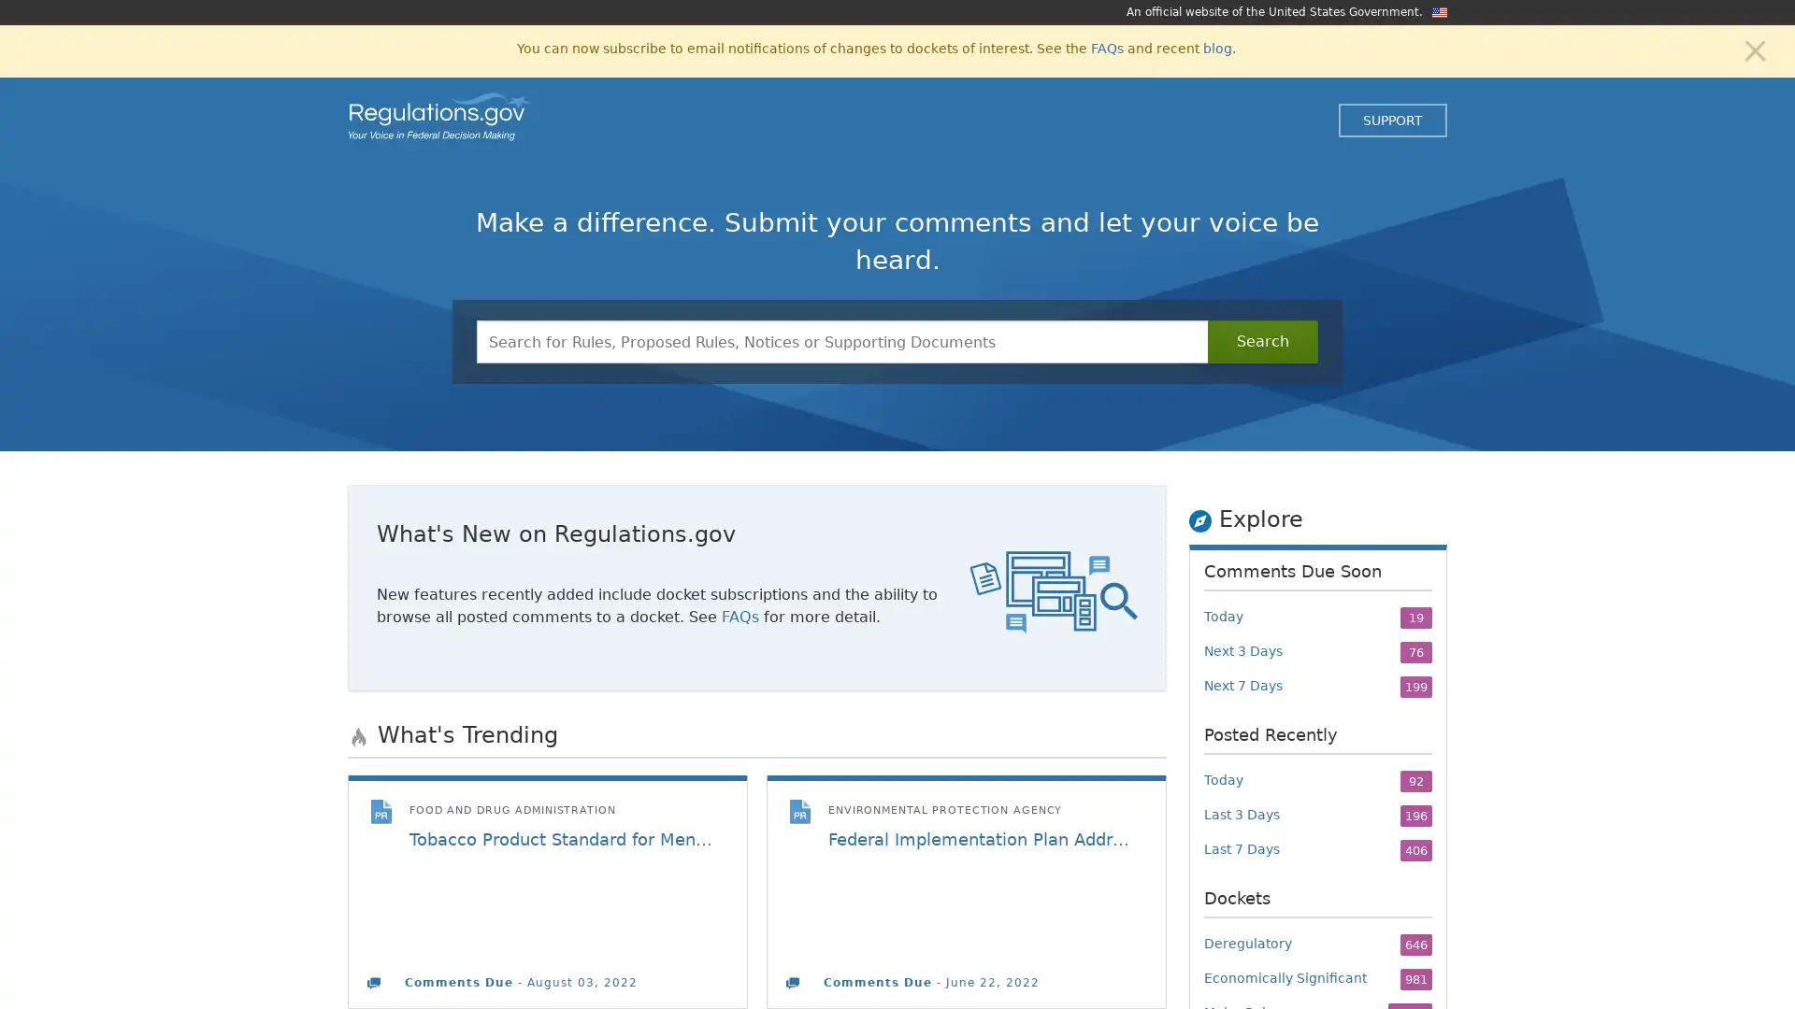  I want to click on Close, so click(1754, 49).